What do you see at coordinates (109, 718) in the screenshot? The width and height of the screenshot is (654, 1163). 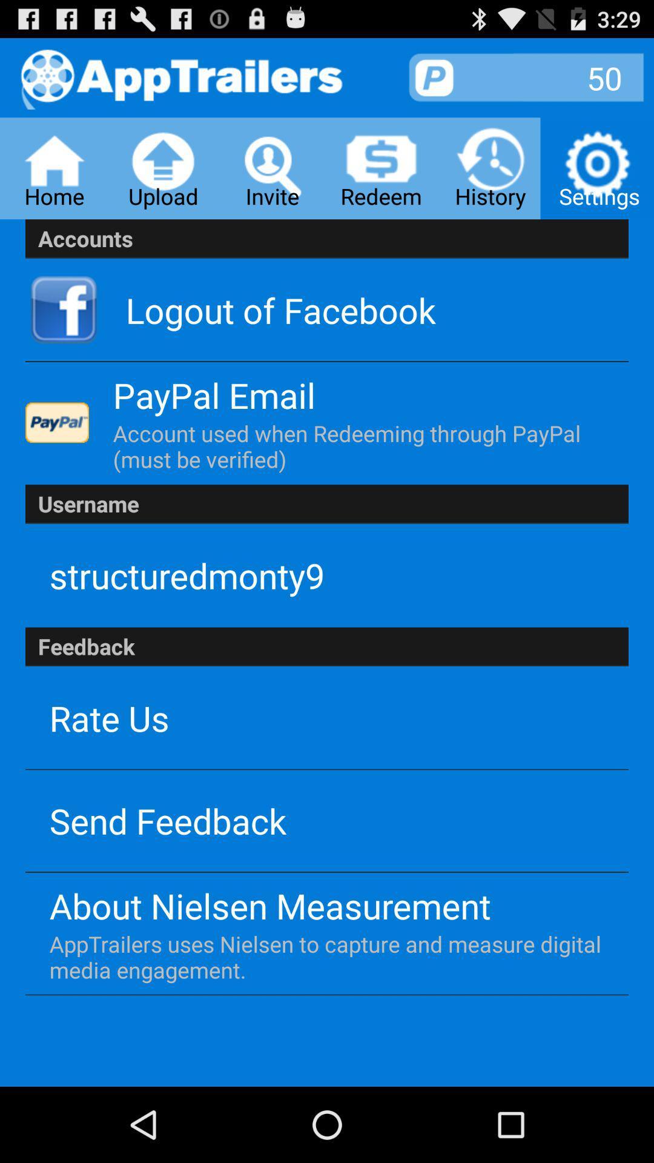 I see `rate us icon` at bounding box center [109, 718].